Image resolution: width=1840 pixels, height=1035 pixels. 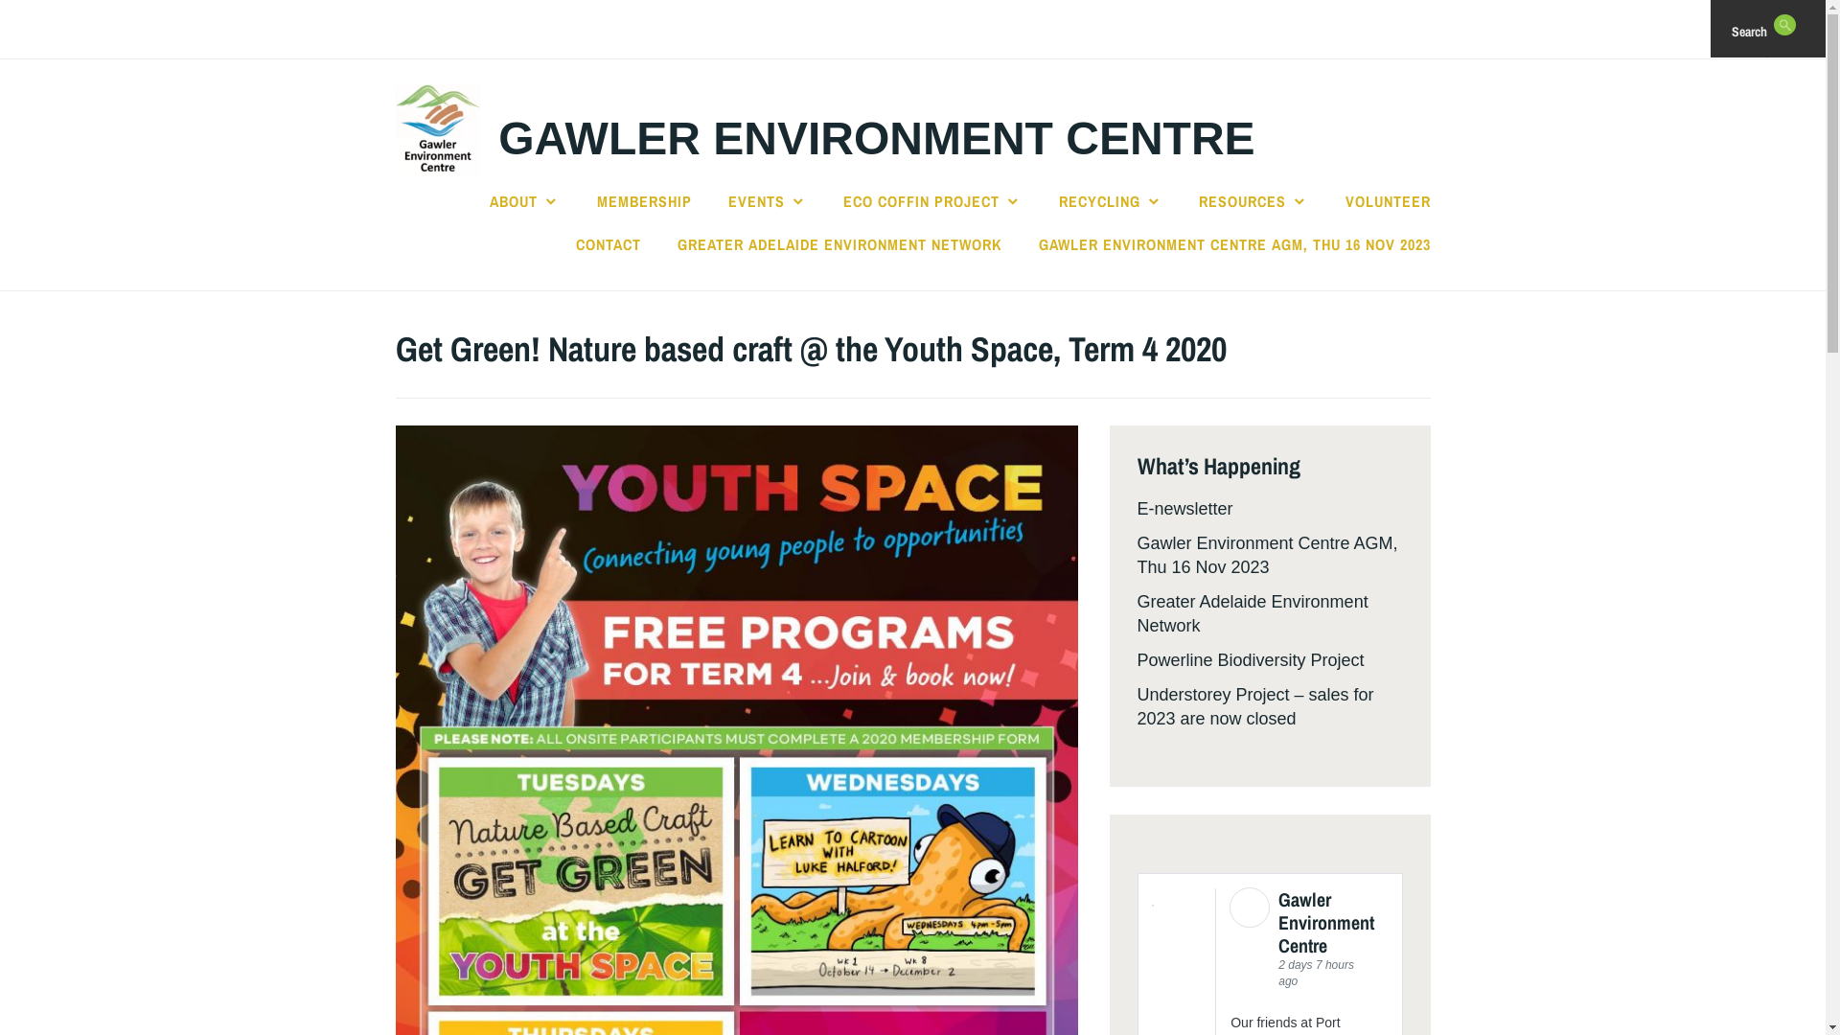 What do you see at coordinates (1184, 508) in the screenshot?
I see `'E-newsletter'` at bounding box center [1184, 508].